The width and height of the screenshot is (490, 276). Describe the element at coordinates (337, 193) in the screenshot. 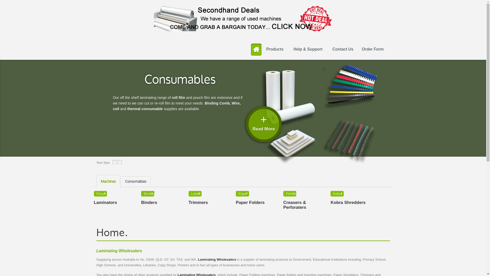

I see `'Kobra Shredders` at that location.